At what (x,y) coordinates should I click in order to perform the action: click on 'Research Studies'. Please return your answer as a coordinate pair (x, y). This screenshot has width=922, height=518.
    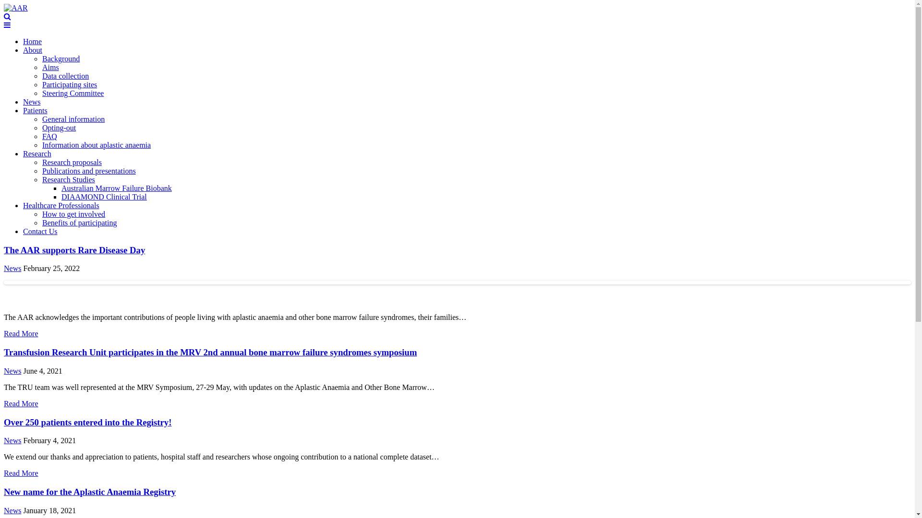
    Looking at the image, I should click on (68, 179).